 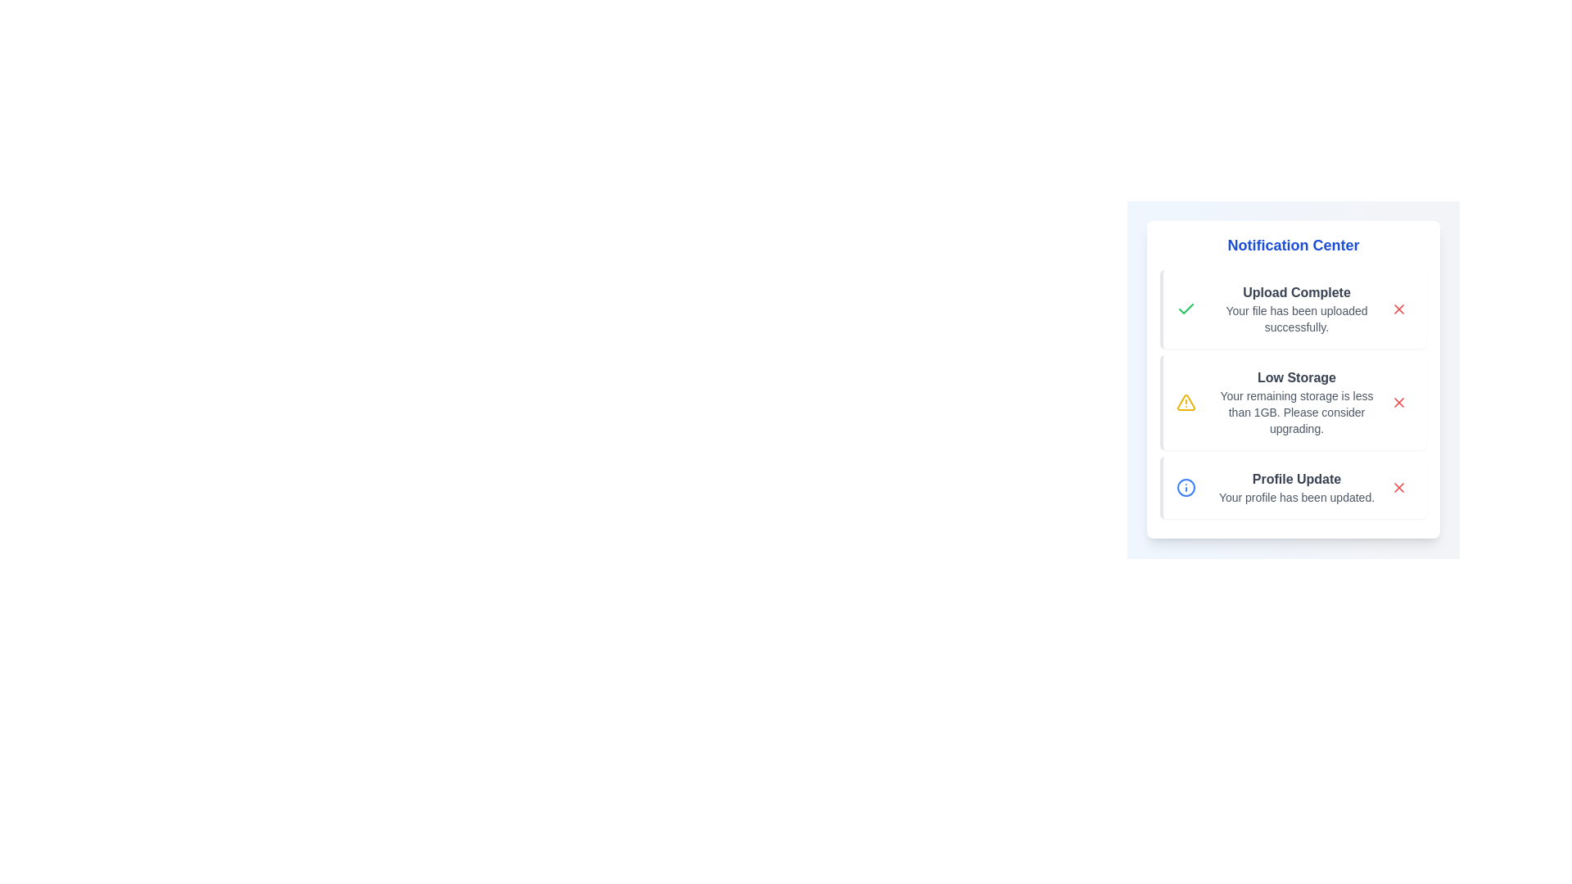 What do you see at coordinates (1296, 377) in the screenshot?
I see `the 'Low Storage' text label in the Notification Center panel, which is styled in gray and appears above the sibling text regarding storage upgrade` at bounding box center [1296, 377].